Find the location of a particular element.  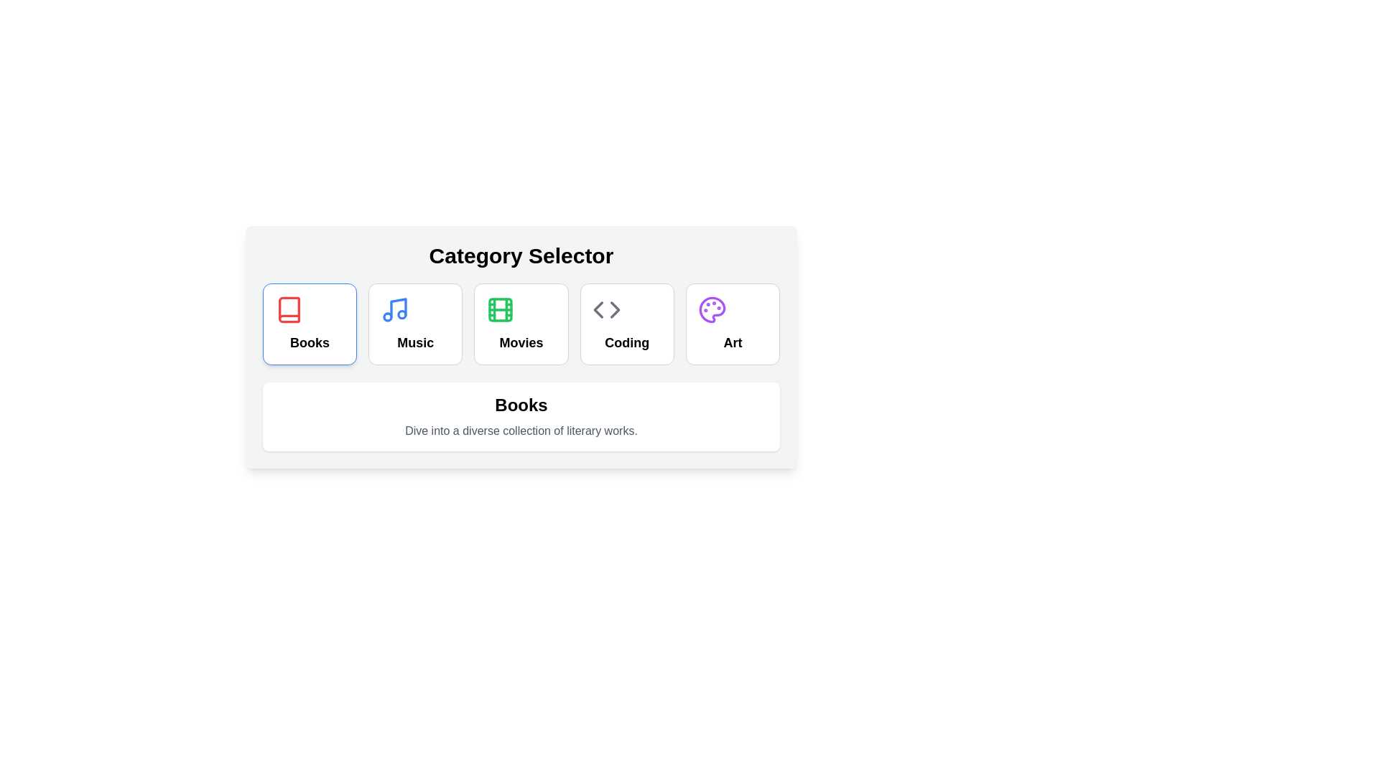

the 'Coding' category selection button located in the 'Category Selector' row, positioned fourth from the left between the 'Movies' and 'Art' cards is located at coordinates (627, 324).